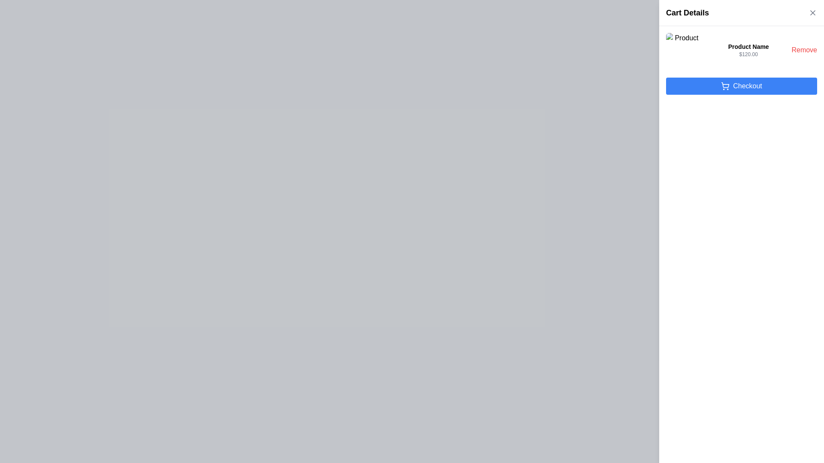  What do you see at coordinates (812, 13) in the screenshot?
I see `the small interactive 'X' button located at the top-right corner of the interface, next to the 'Cart Details' title` at bounding box center [812, 13].